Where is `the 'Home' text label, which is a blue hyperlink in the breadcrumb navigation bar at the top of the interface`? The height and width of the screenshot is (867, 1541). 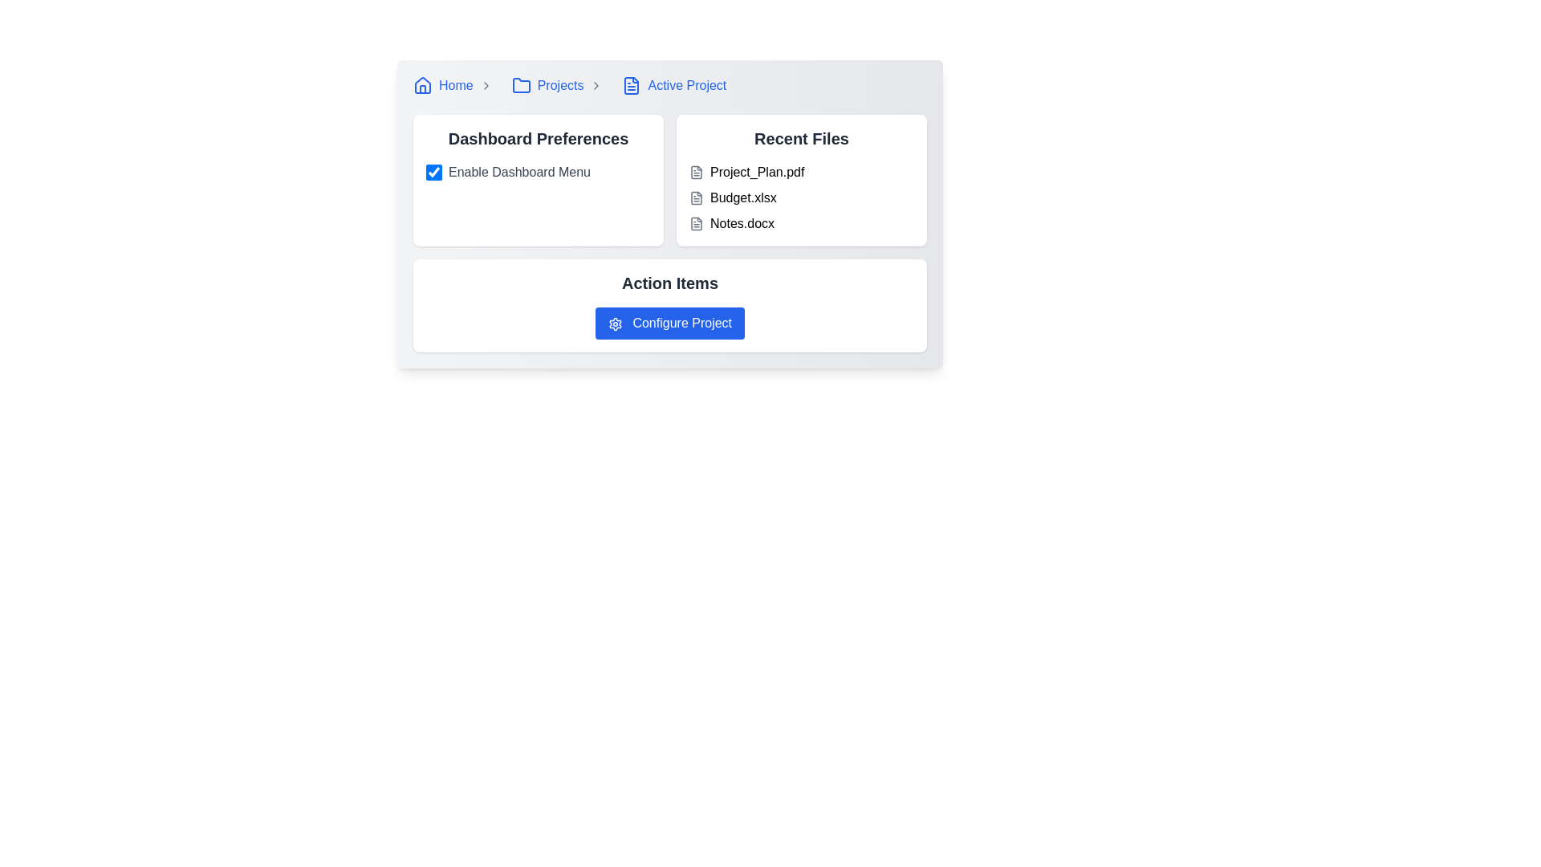 the 'Home' text label, which is a blue hyperlink in the breadcrumb navigation bar at the top of the interface is located at coordinates (455, 86).